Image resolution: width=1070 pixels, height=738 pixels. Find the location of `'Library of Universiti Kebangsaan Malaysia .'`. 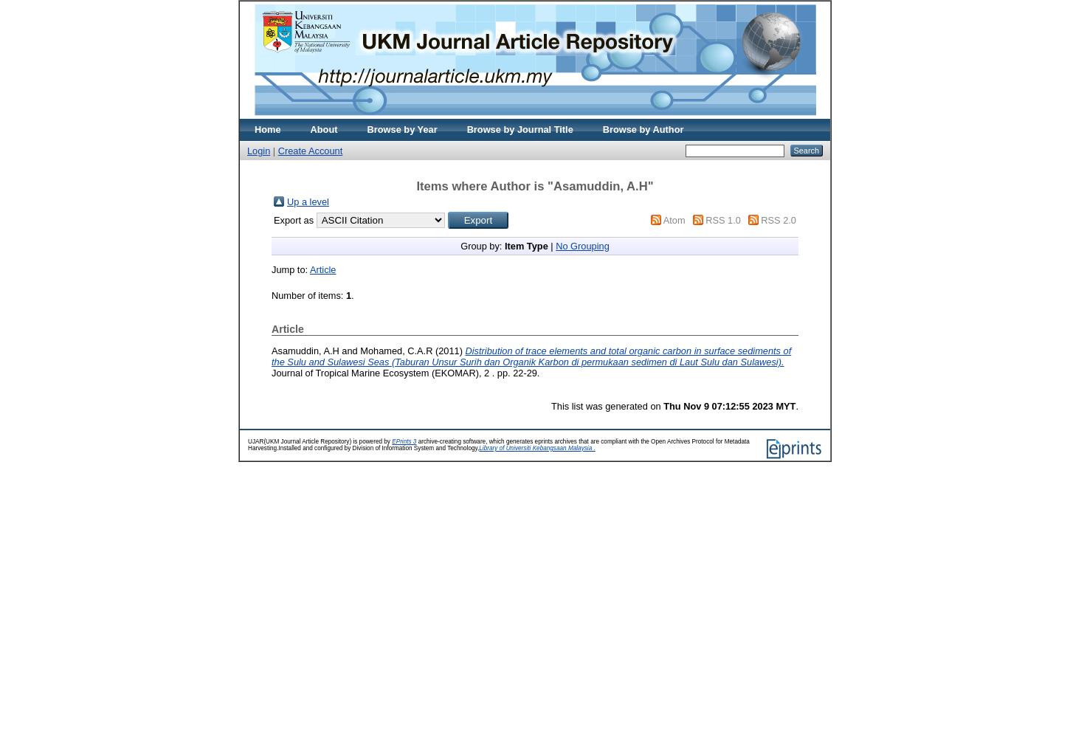

'Library of Universiti Kebangsaan Malaysia .' is located at coordinates (478, 446).